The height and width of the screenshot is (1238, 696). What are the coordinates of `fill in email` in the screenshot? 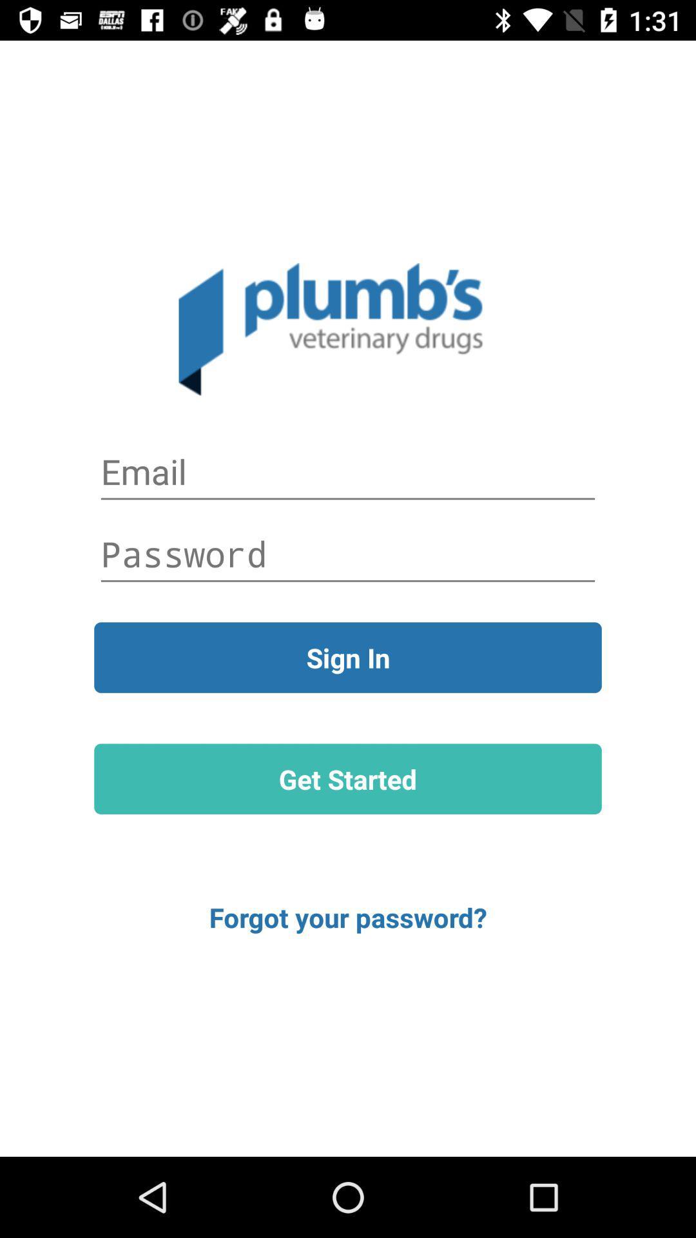 It's located at (348, 471).